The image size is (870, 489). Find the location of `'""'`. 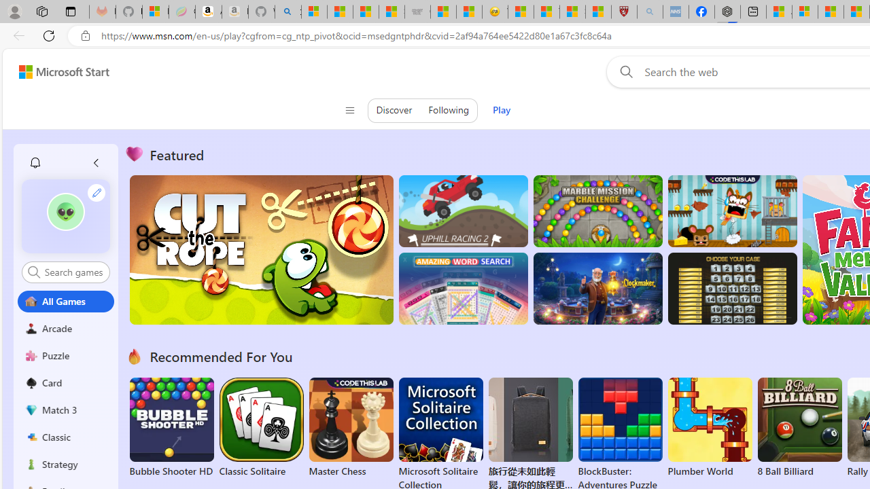

'""' is located at coordinates (65, 212).